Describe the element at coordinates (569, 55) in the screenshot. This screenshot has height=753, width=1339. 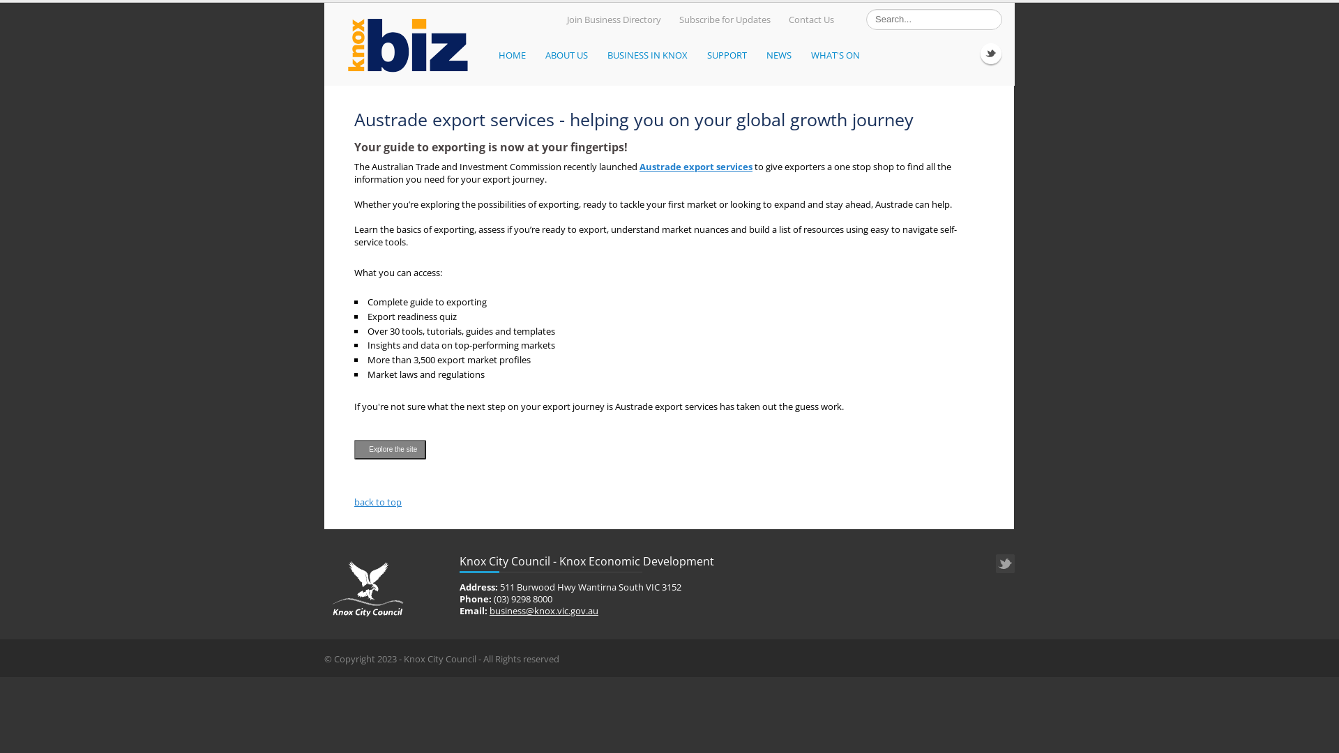
I see `'ABOUT US'` at that location.